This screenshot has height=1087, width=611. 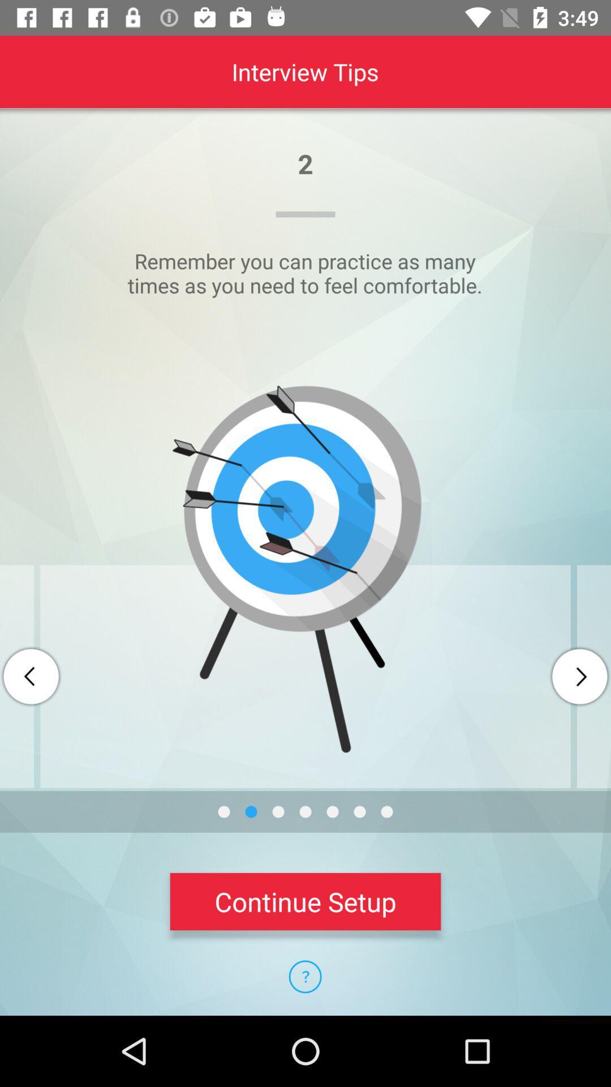 I want to click on back option, so click(x=31, y=677).